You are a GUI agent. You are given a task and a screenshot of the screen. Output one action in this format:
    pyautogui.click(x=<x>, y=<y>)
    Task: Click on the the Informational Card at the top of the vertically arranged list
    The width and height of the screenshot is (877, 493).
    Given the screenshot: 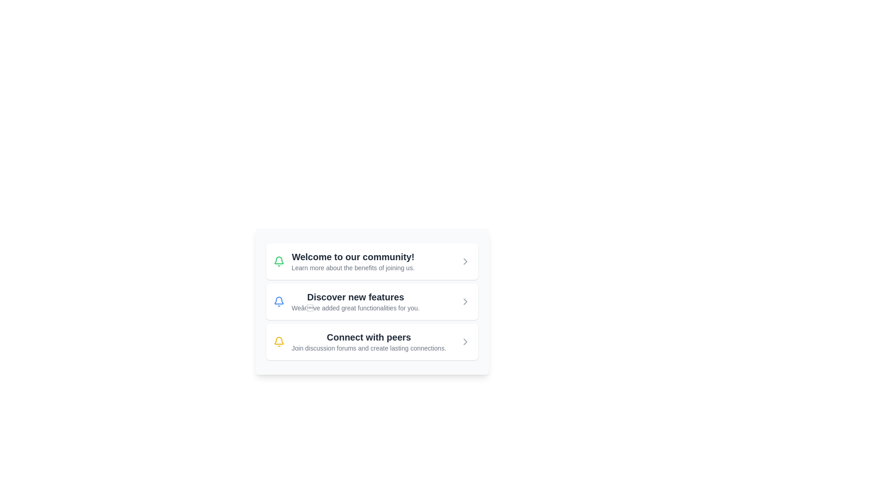 What is the action you would take?
    pyautogui.click(x=372, y=262)
    